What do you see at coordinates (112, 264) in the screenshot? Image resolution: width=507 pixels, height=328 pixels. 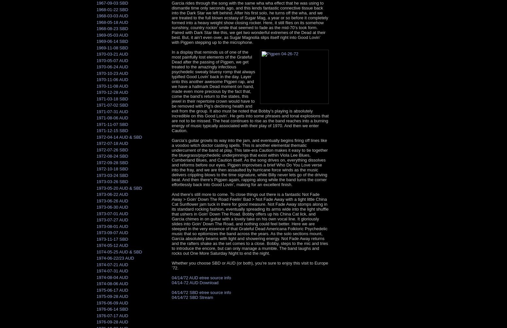 I see `'1974-07-21 AUD'` at bounding box center [112, 264].